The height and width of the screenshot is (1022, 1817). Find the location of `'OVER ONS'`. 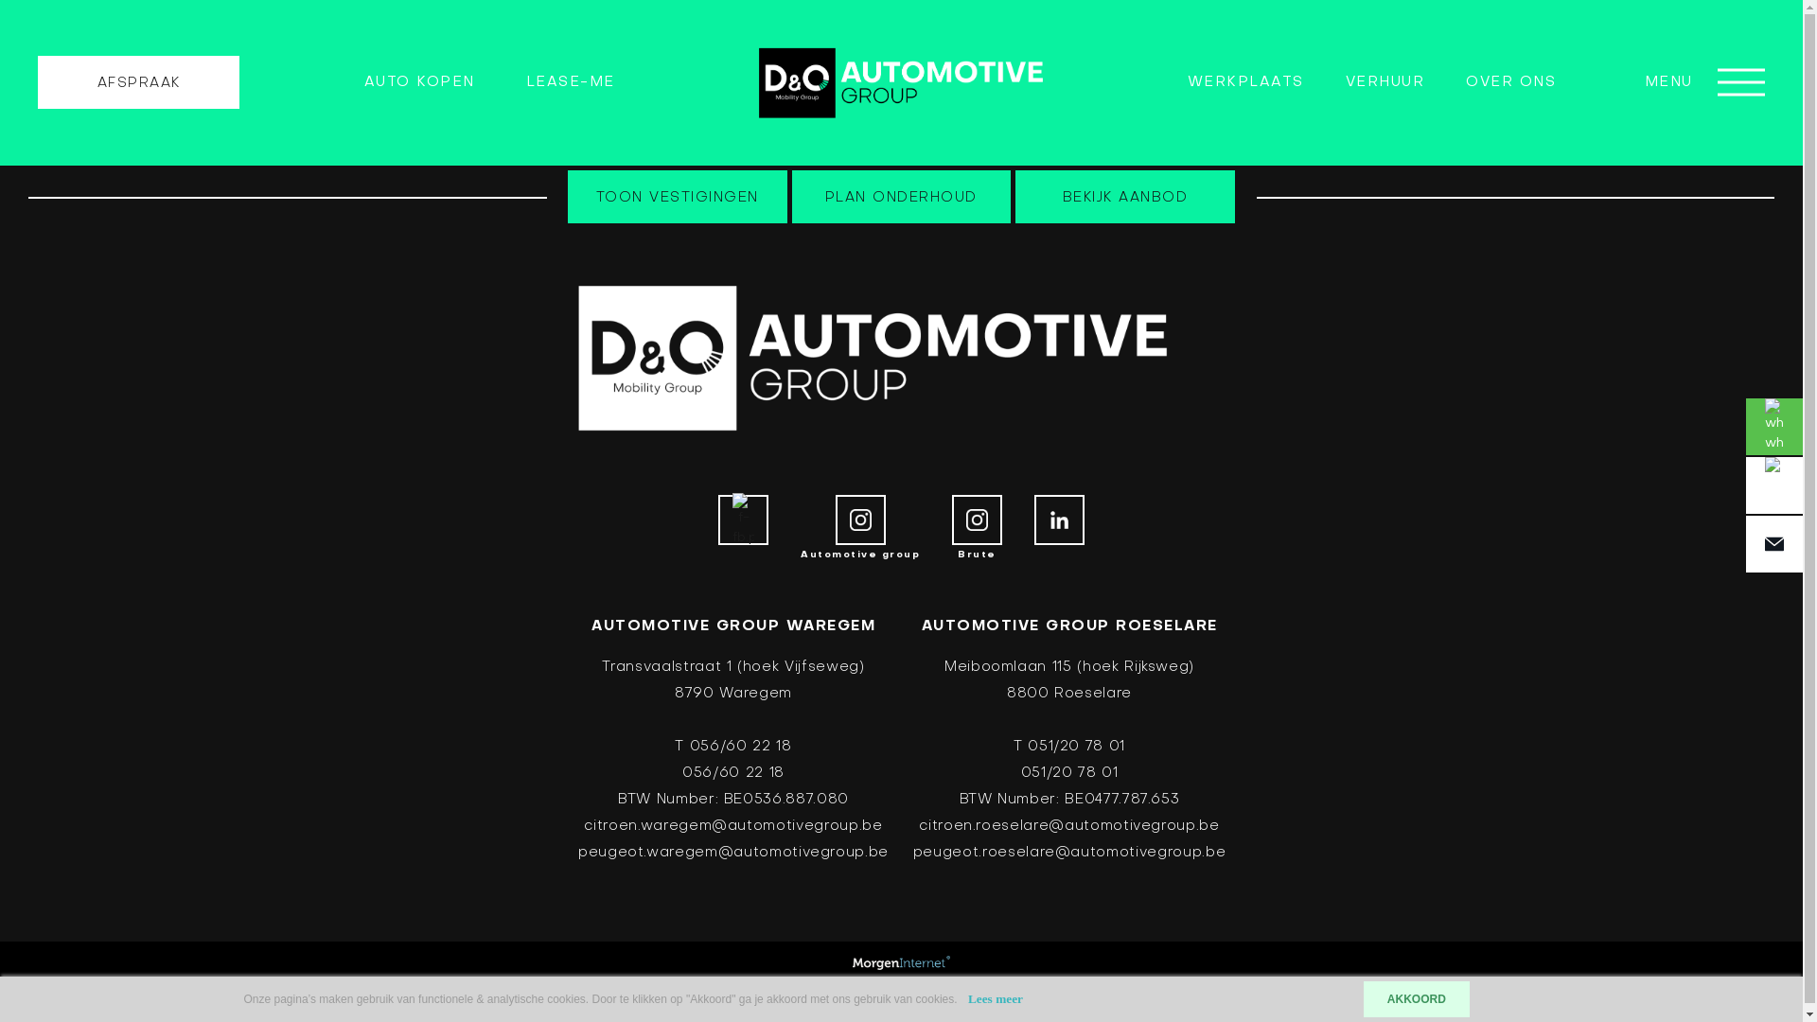

'OVER ONS' is located at coordinates (1509, 81).